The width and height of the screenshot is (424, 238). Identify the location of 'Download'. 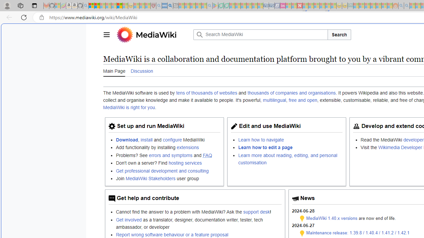
(127, 139).